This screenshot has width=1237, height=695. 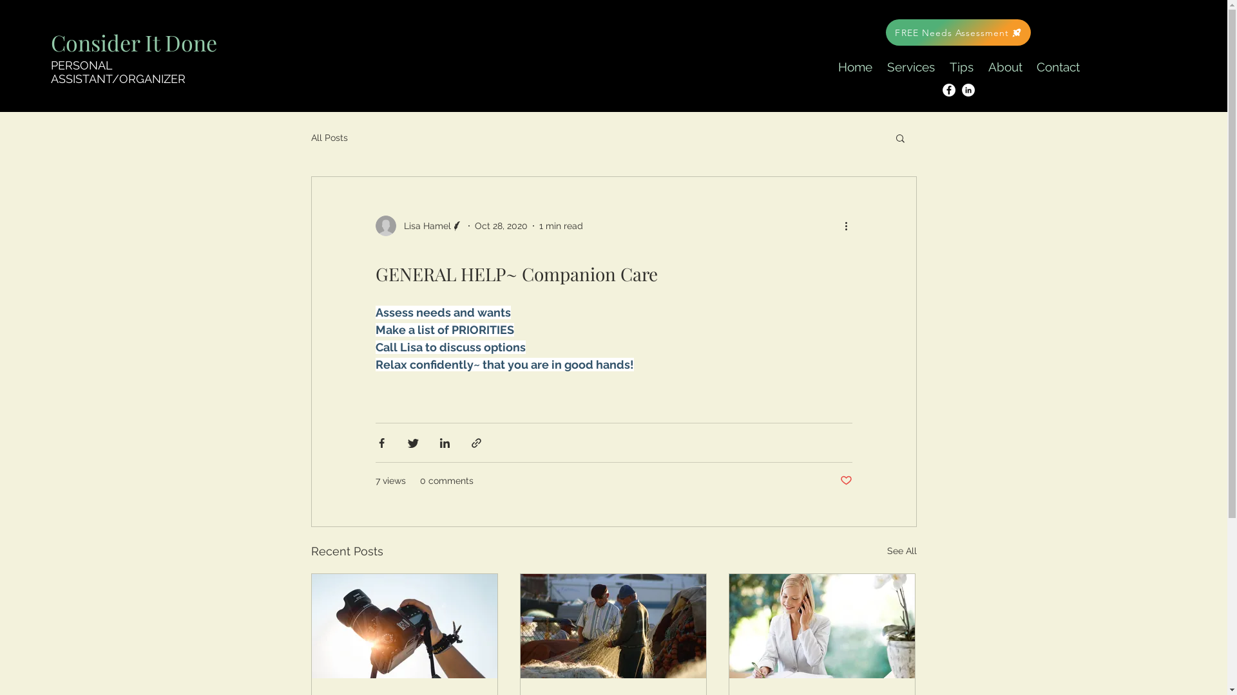 I want to click on 'All Posts', so click(x=329, y=137).